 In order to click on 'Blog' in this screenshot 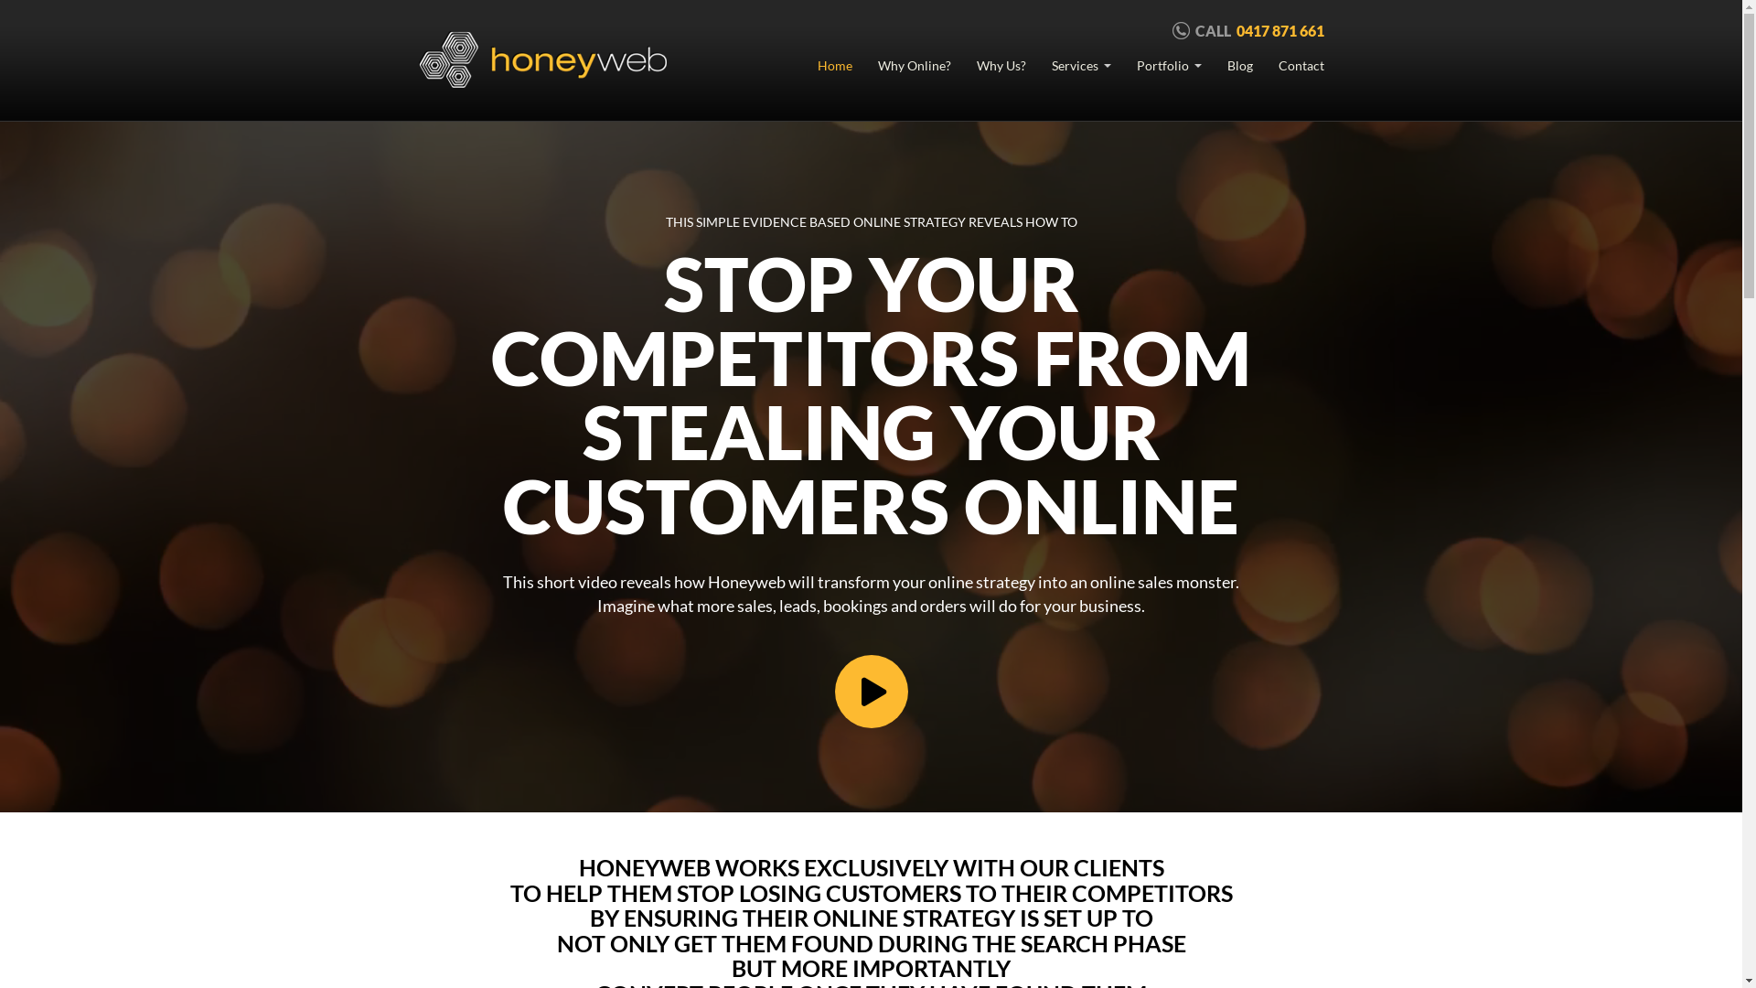, I will do `click(1240, 65)`.